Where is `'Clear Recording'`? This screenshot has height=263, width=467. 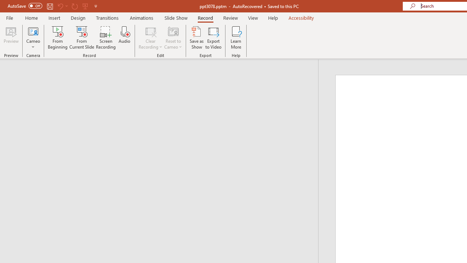 'Clear Recording' is located at coordinates (150, 38).